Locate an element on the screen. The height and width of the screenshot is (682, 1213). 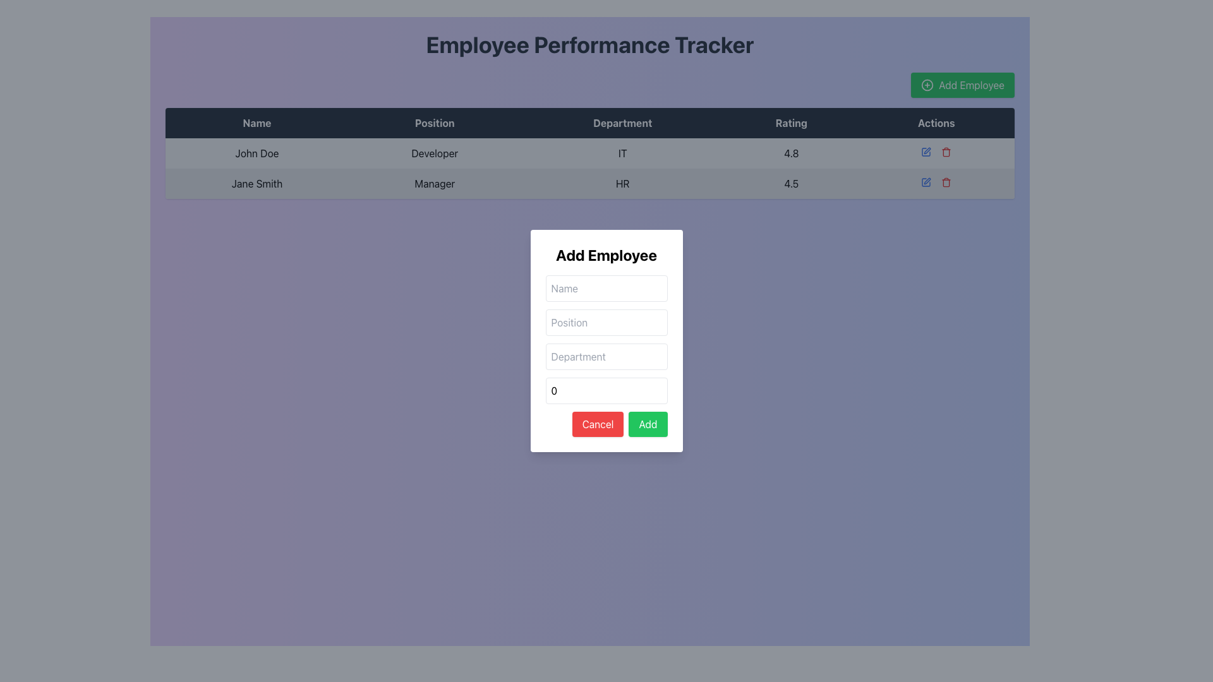
the delete button located in the first row of the table under the 'Actions' column is located at coordinates (946, 151).